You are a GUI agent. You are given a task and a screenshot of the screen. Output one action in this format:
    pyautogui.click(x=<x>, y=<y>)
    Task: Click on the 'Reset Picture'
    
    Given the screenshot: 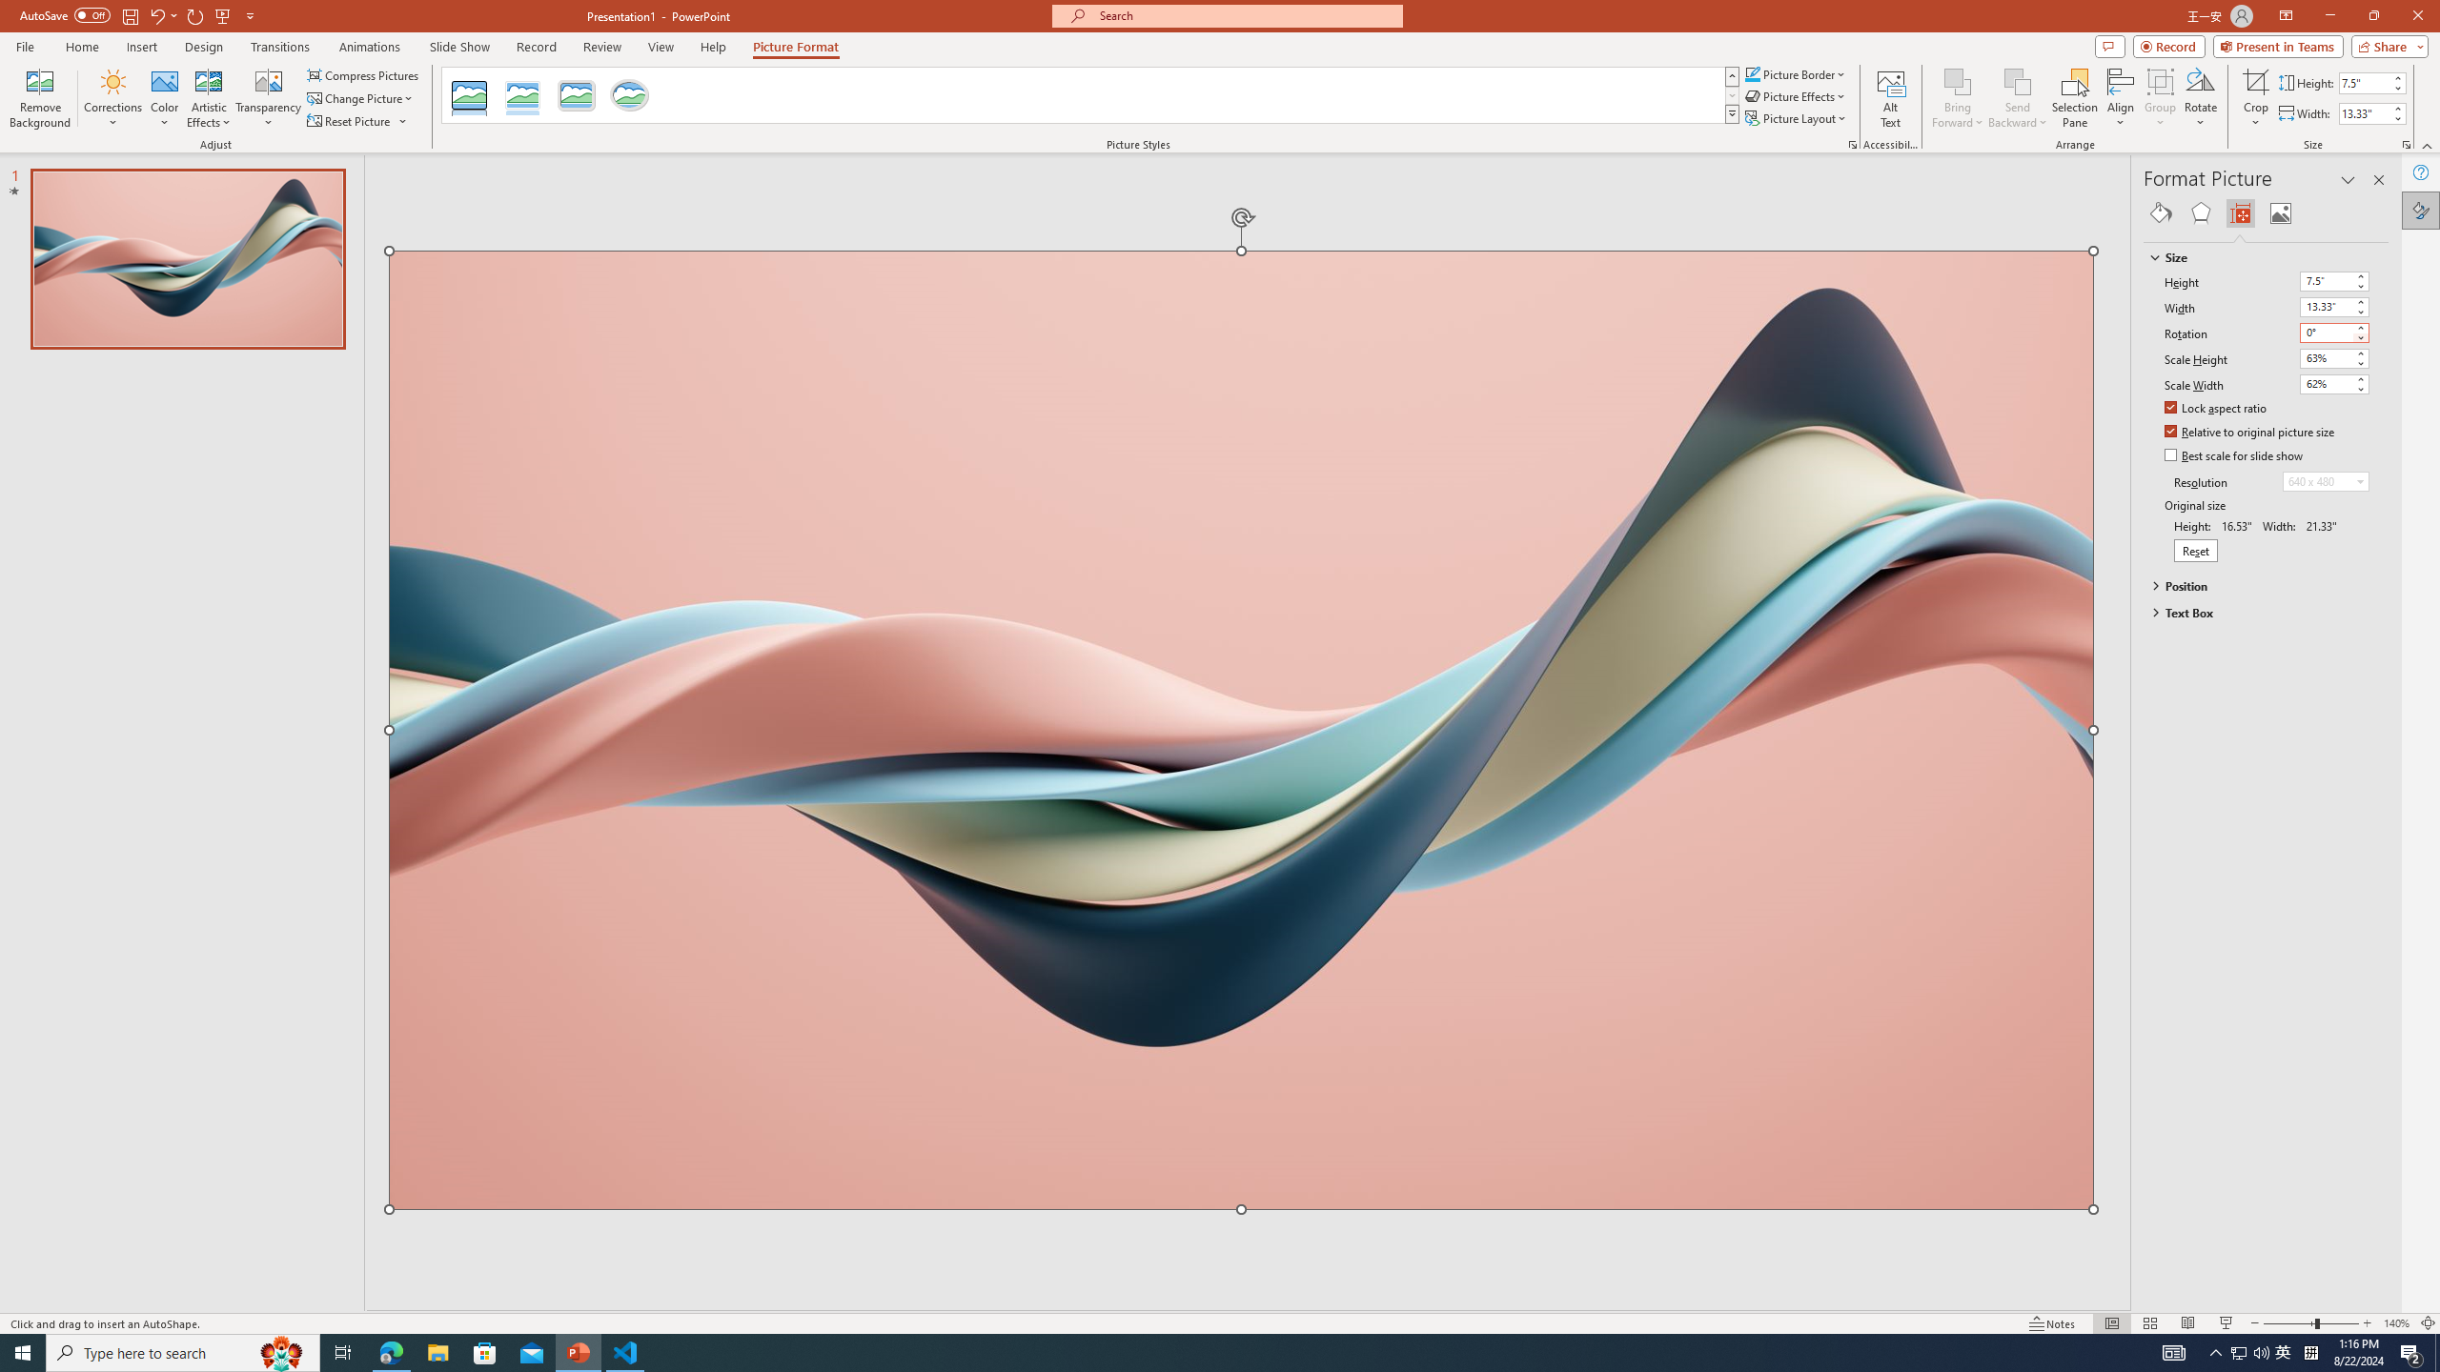 What is the action you would take?
    pyautogui.click(x=357, y=121)
    